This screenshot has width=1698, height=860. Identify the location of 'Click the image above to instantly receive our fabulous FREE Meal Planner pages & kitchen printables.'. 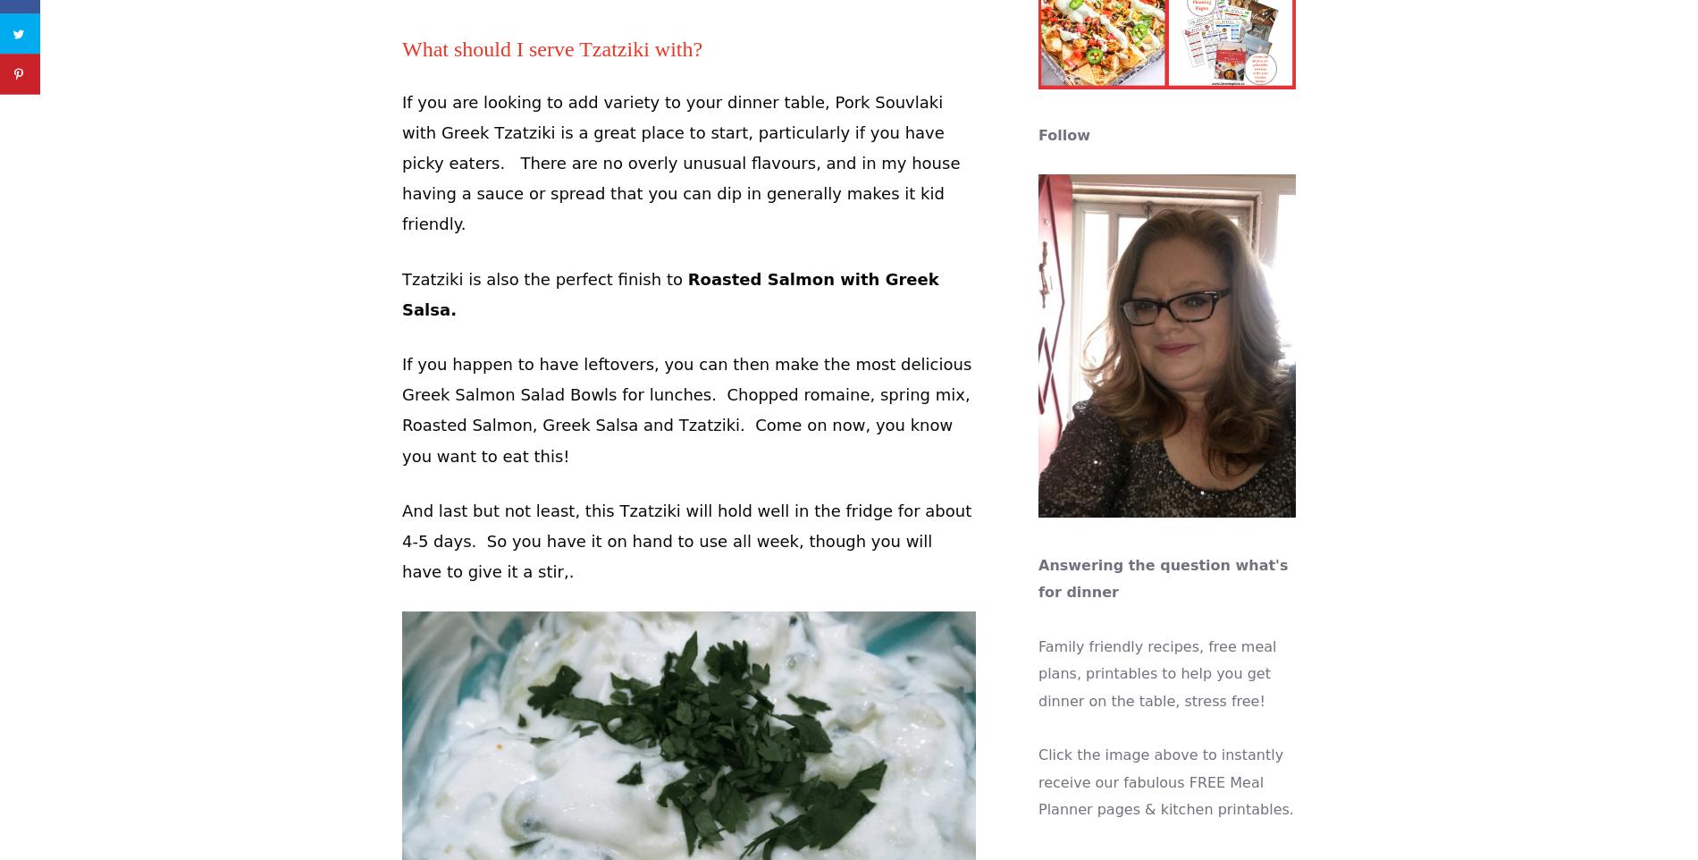
(1164, 781).